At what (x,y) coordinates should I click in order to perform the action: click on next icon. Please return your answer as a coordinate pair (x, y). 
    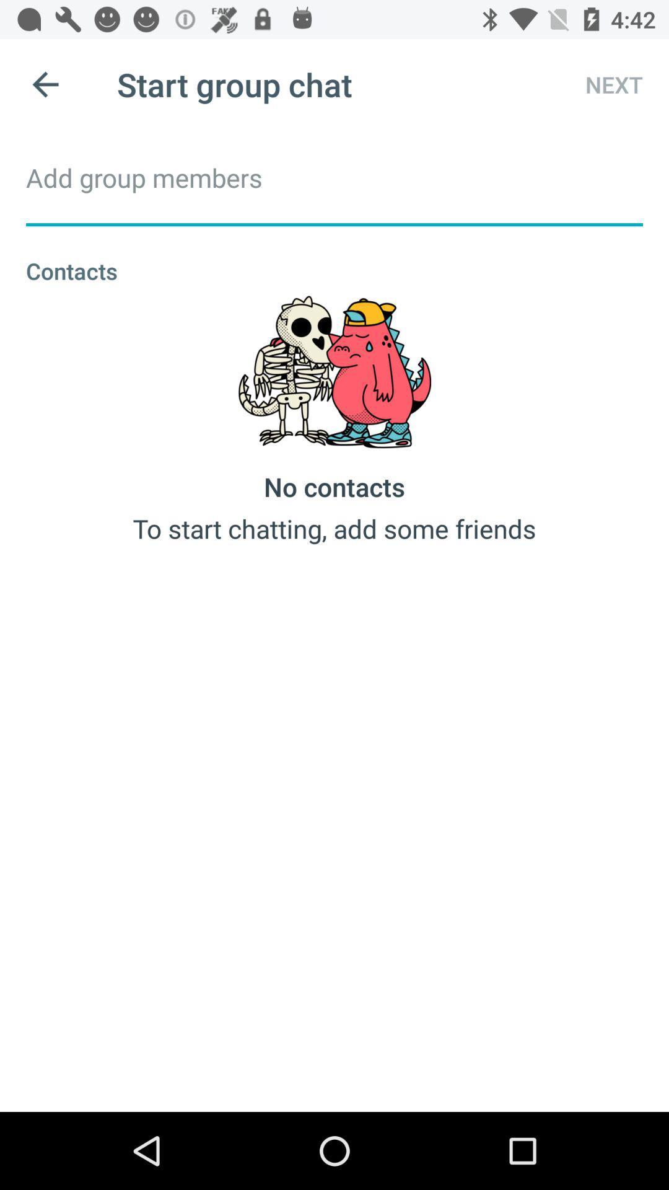
    Looking at the image, I should click on (602, 84).